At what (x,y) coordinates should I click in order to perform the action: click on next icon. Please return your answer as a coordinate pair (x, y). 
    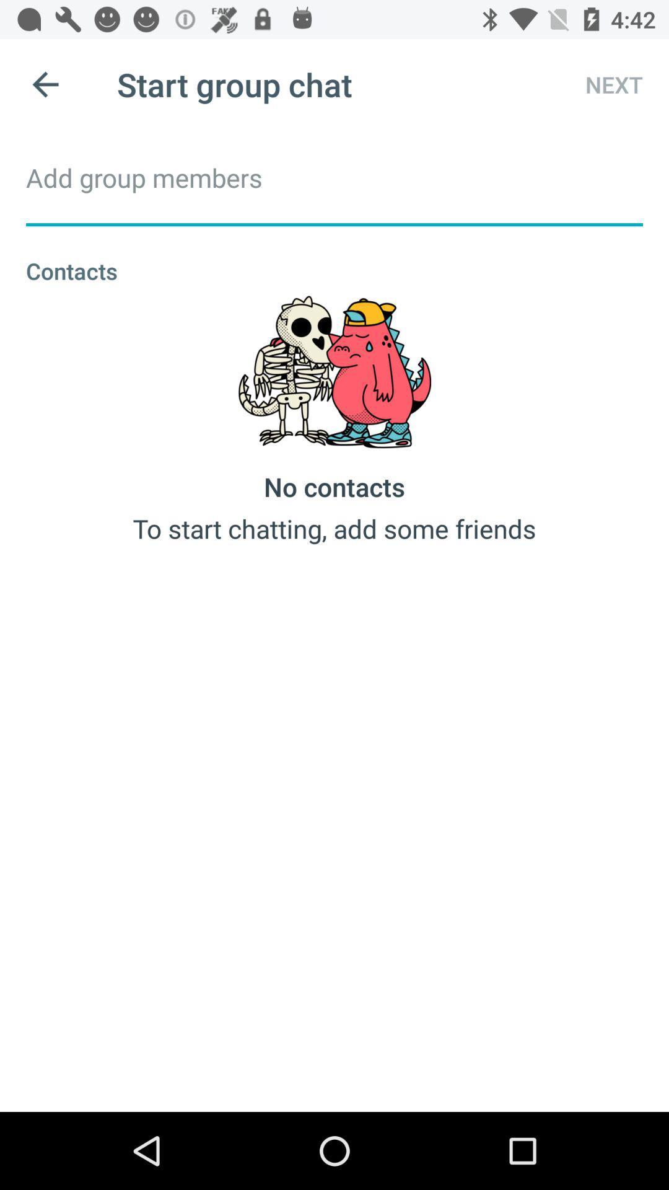
    Looking at the image, I should click on (602, 84).